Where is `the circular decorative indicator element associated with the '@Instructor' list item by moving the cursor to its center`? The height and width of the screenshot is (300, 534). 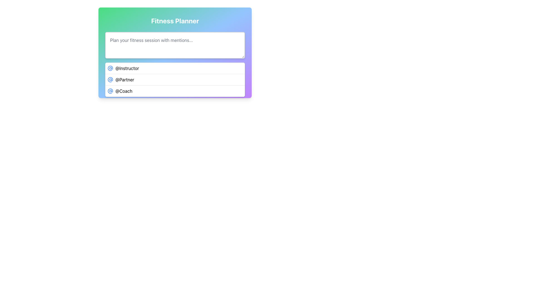 the circular decorative indicator element associated with the '@Instructor' list item by moving the cursor to its center is located at coordinates (112, 72).